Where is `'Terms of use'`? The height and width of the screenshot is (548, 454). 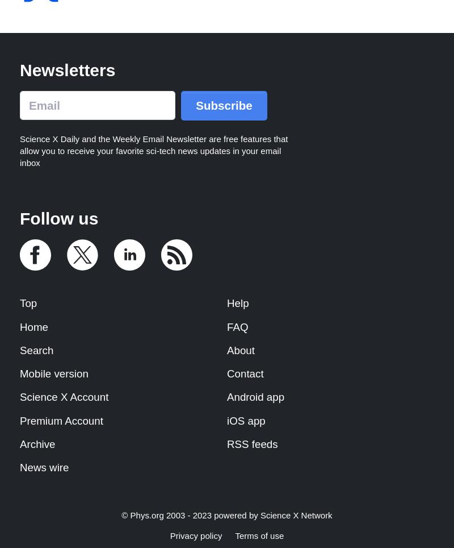 'Terms of use' is located at coordinates (259, 535).